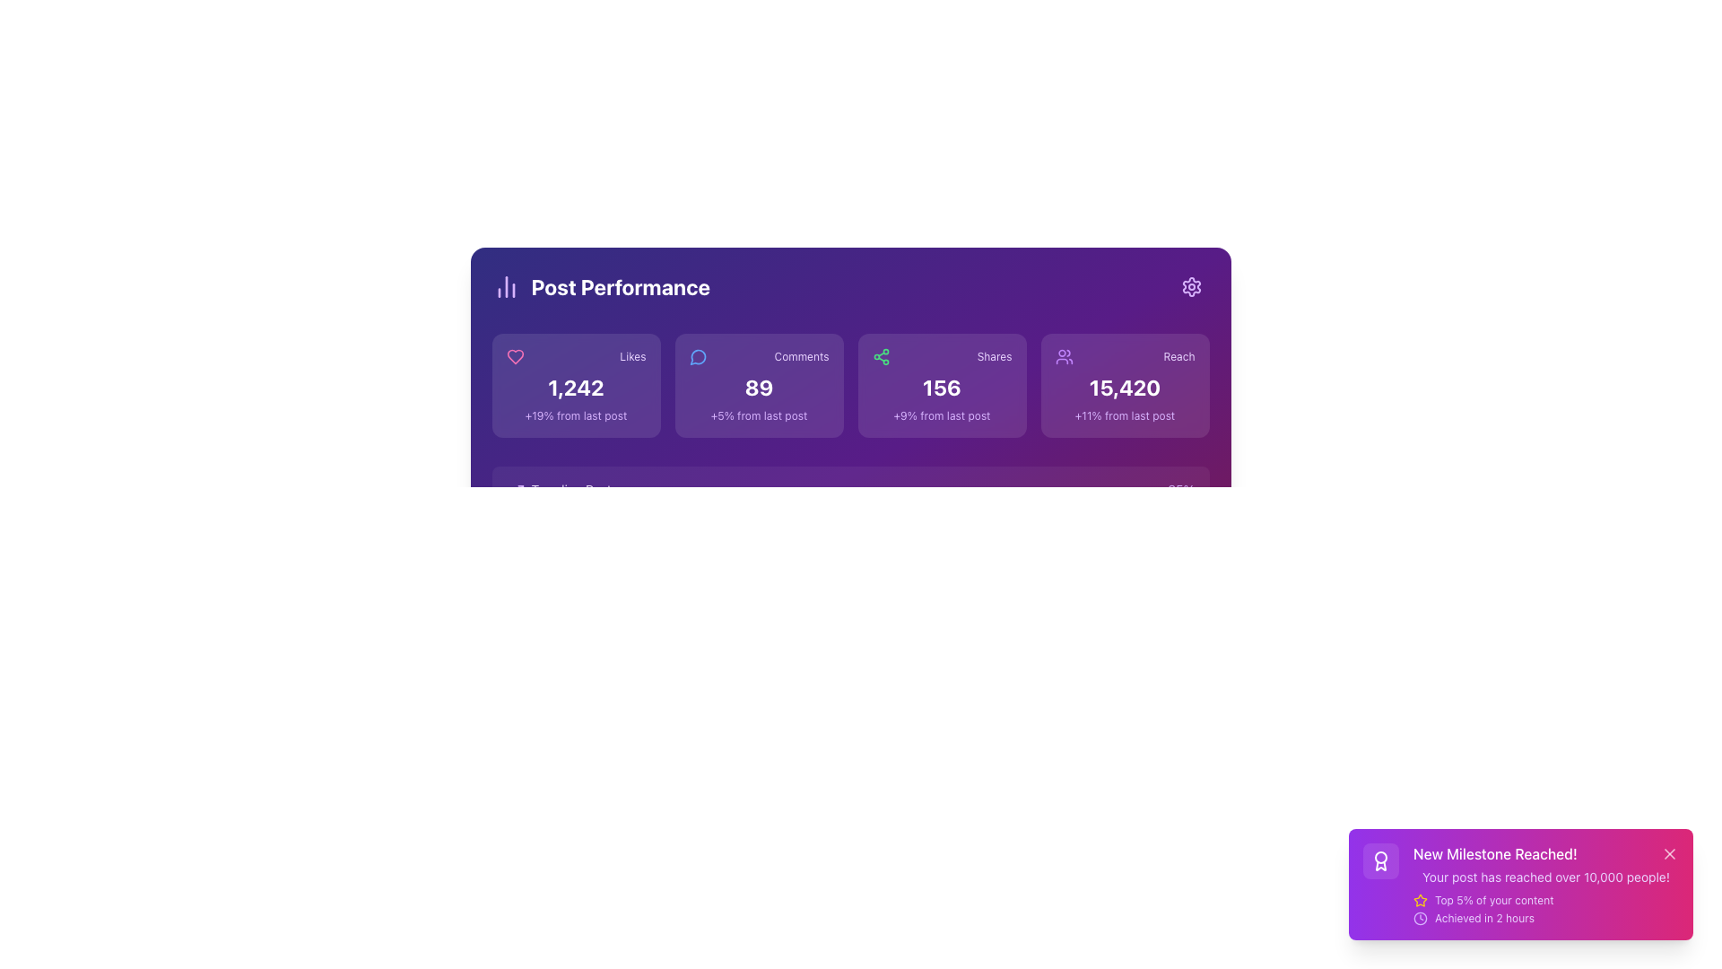  I want to click on the white award icon within the circular border located in the bottom-right corner of the interface, which represents an achievement badge or award, so click(1380, 860).